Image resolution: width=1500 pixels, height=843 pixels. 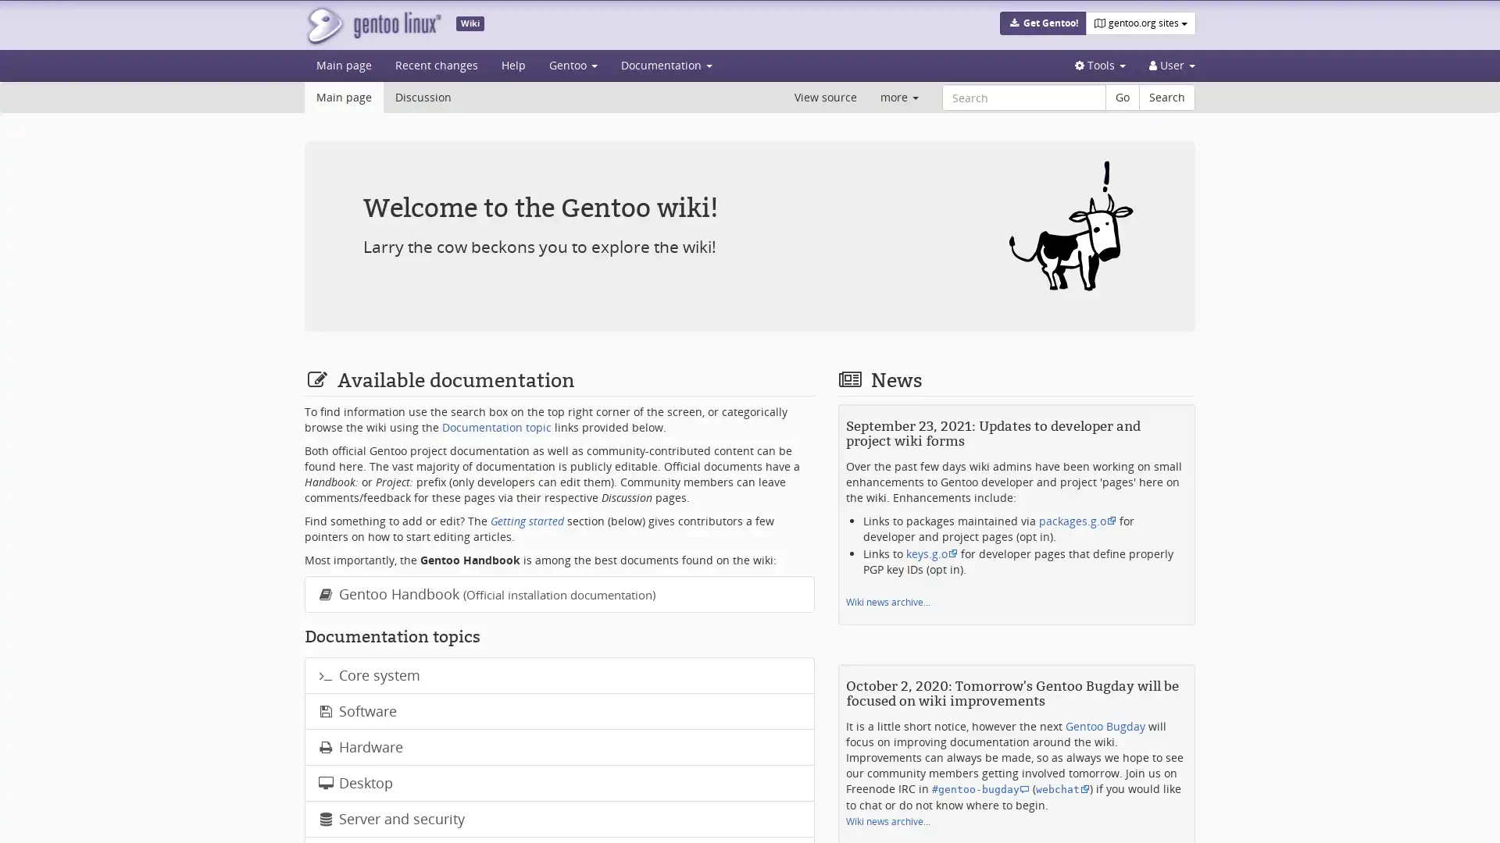 I want to click on Documentation, so click(x=666, y=65).